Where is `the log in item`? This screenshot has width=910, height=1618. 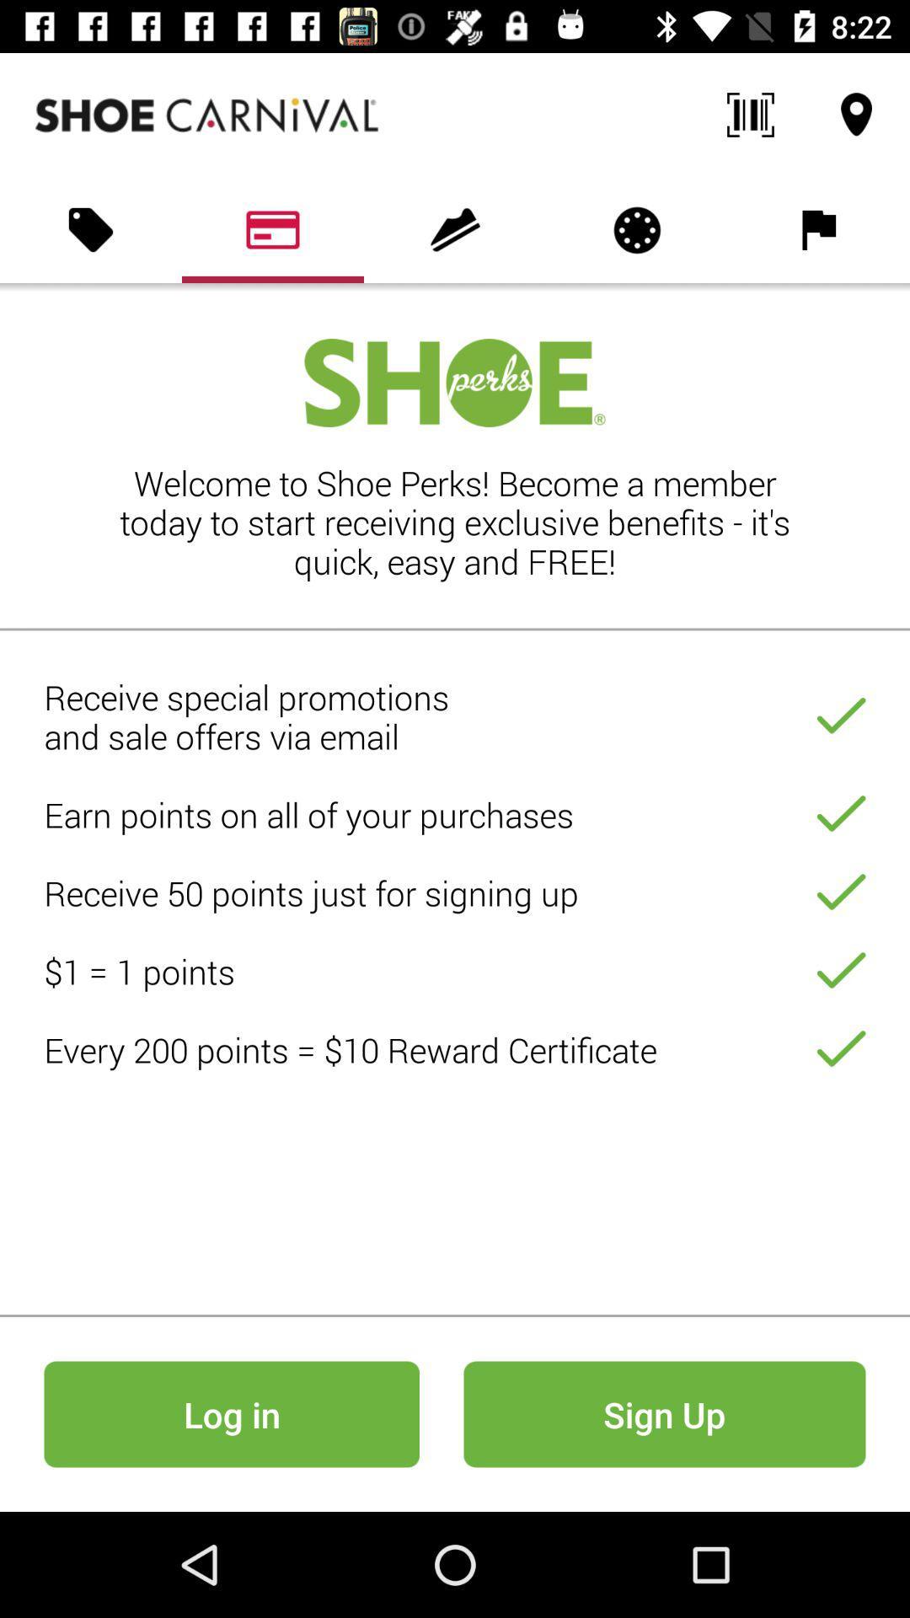 the log in item is located at coordinates (232, 1414).